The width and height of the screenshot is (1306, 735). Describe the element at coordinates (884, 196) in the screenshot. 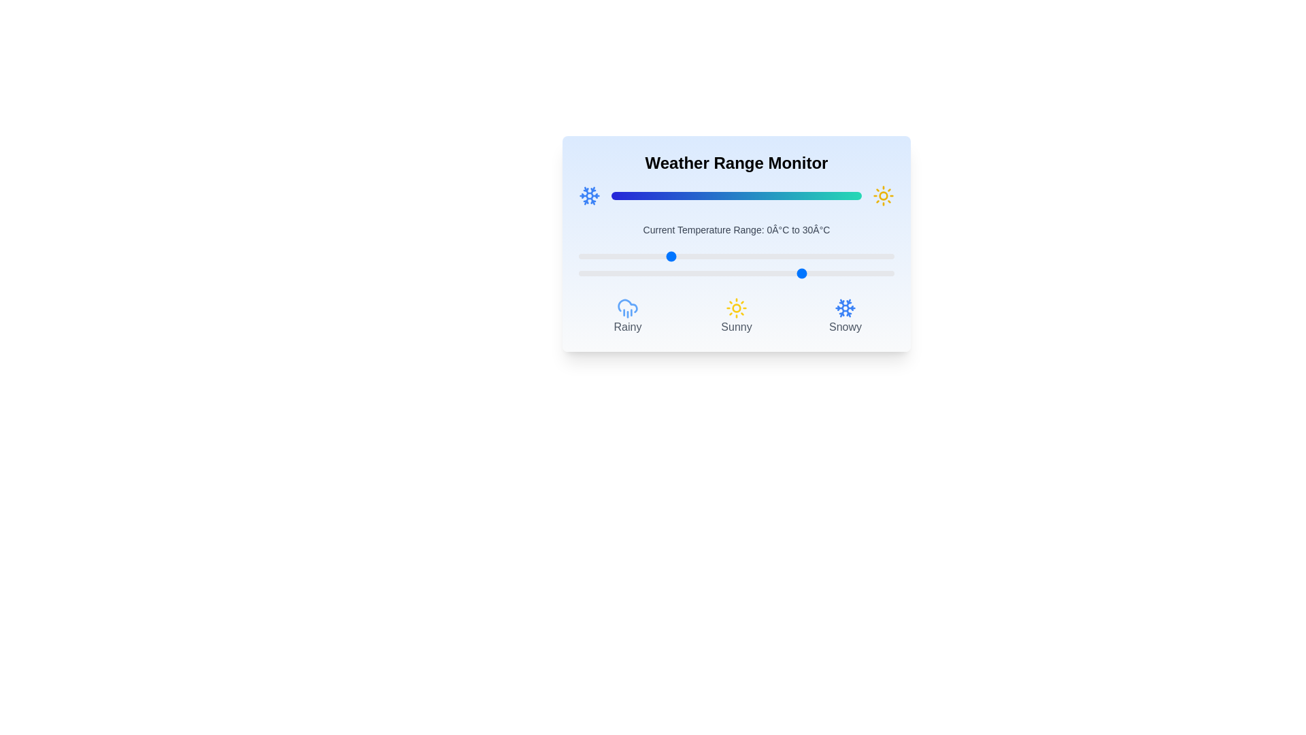

I see `the small circular SVG shape that represents a sun symbol in the Weather Range Monitor interface, located at the top-right corner of the temperature range display` at that location.